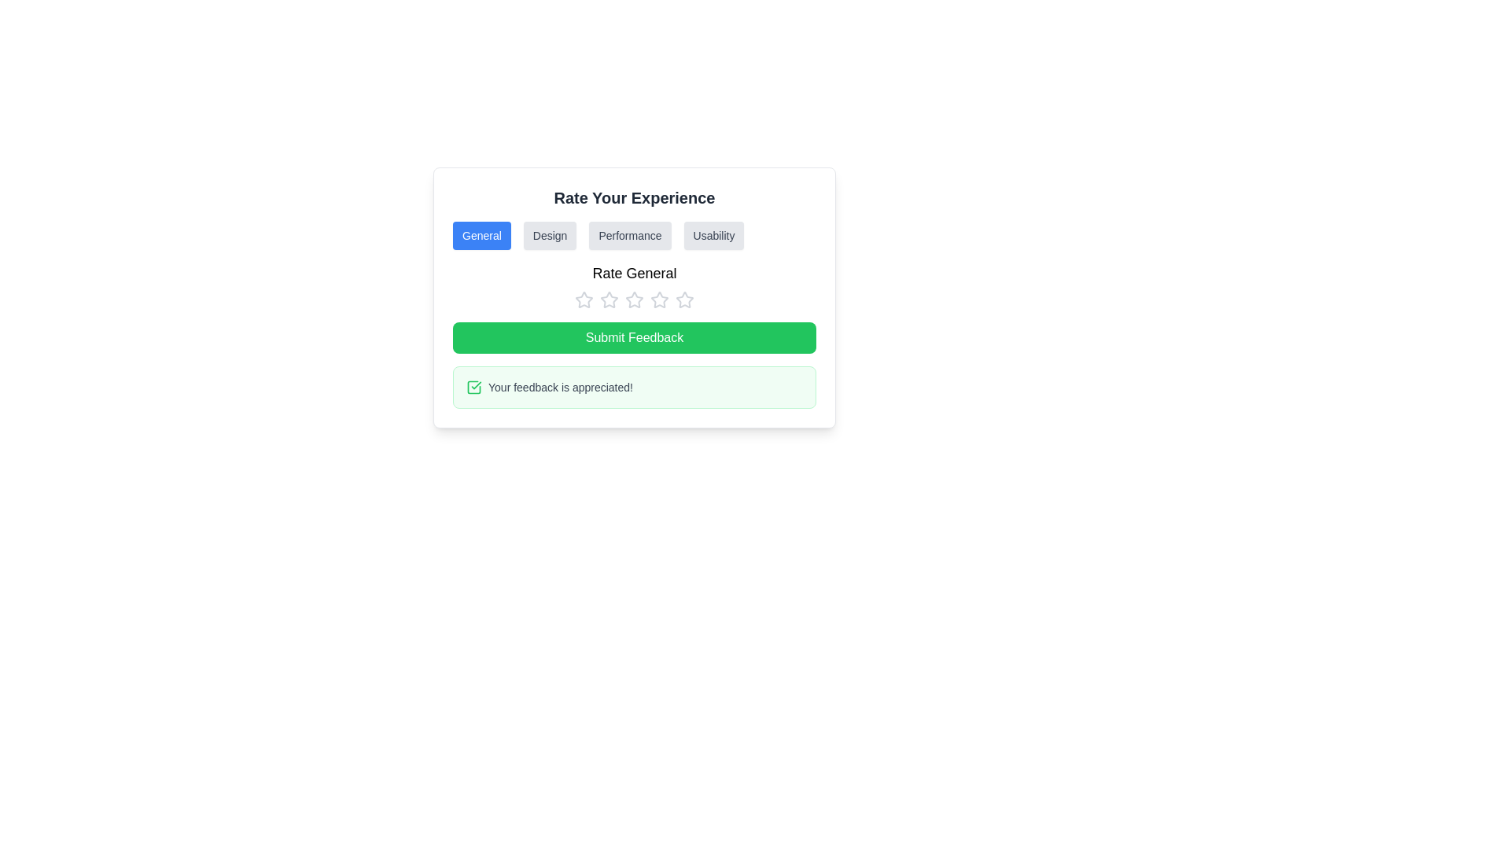 This screenshot has width=1510, height=849. What do you see at coordinates (634, 300) in the screenshot?
I see `the third rating star in the 'Rate General' panel` at bounding box center [634, 300].